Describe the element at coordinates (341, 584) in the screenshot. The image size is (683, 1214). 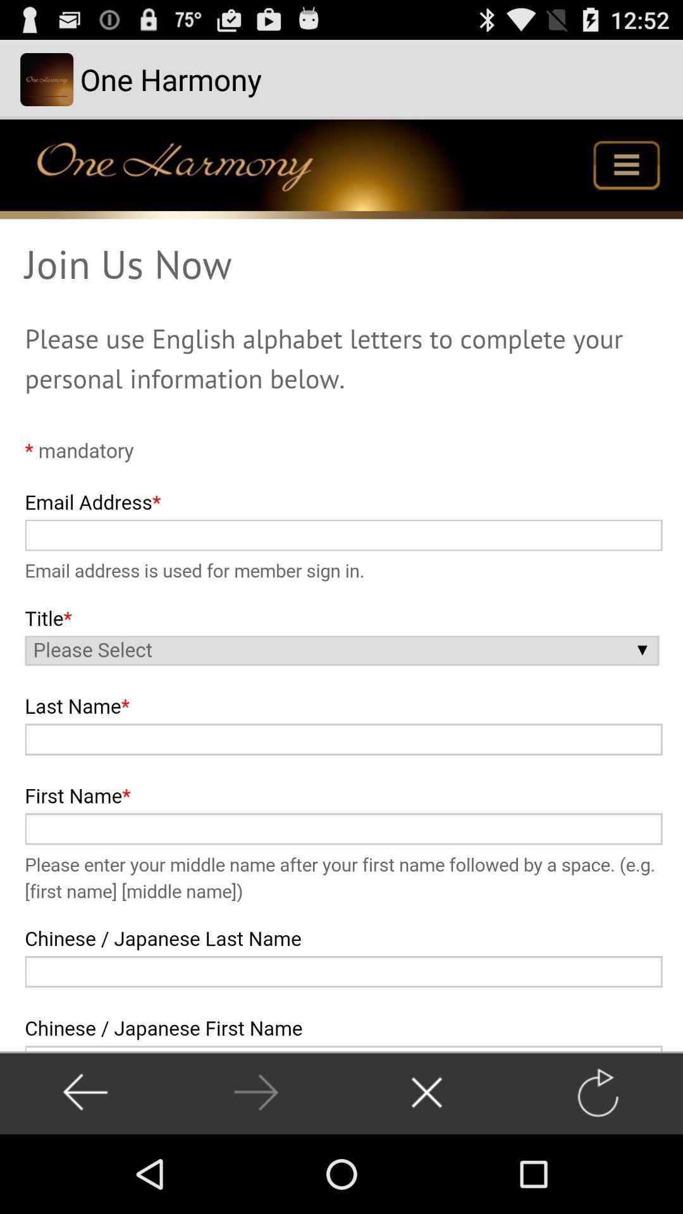
I see `subscribe page` at that location.